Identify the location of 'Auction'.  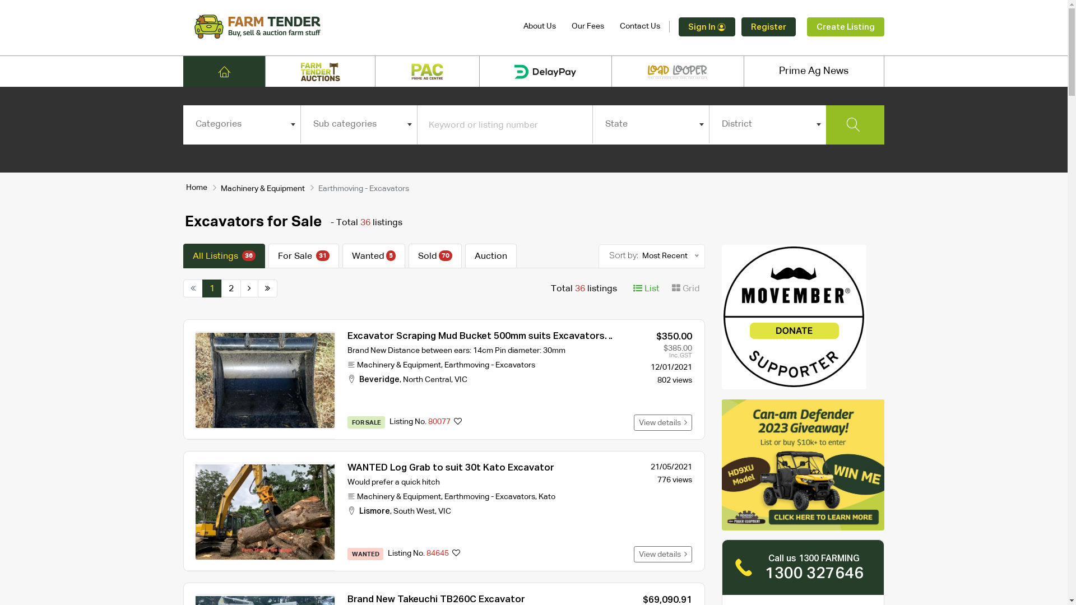
(491, 255).